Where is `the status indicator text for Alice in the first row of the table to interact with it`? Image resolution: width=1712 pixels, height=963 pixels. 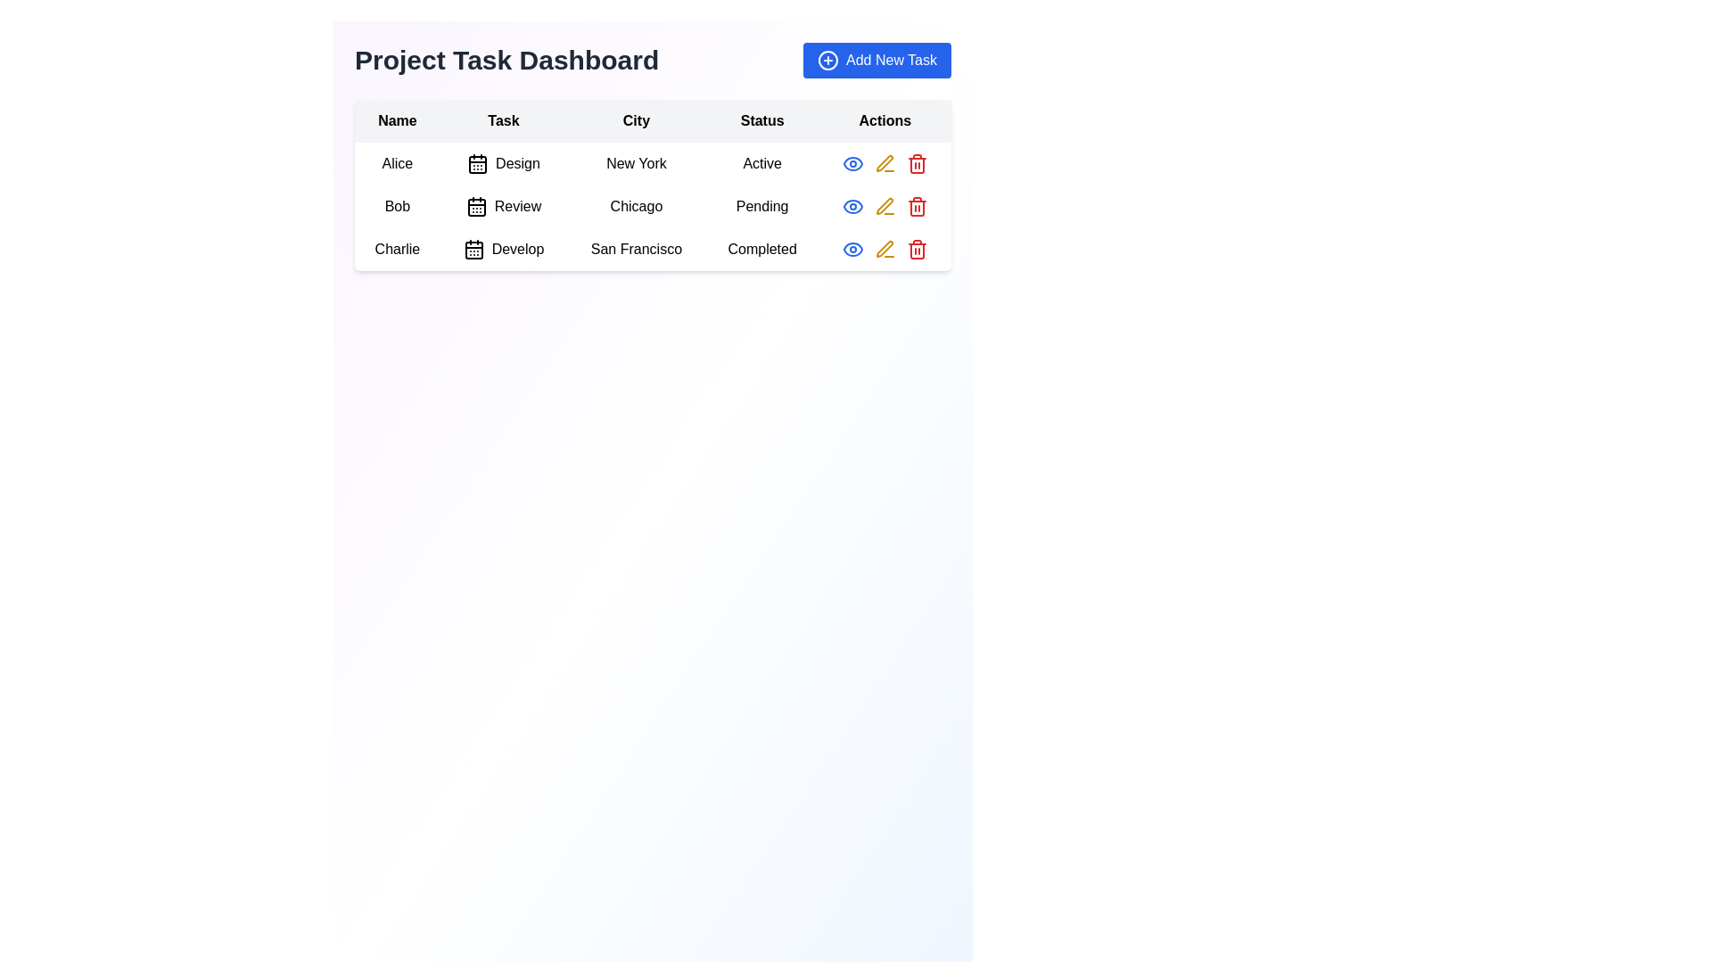 the status indicator text for Alice in the first row of the table to interact with it is located at coordinates (762, 164).